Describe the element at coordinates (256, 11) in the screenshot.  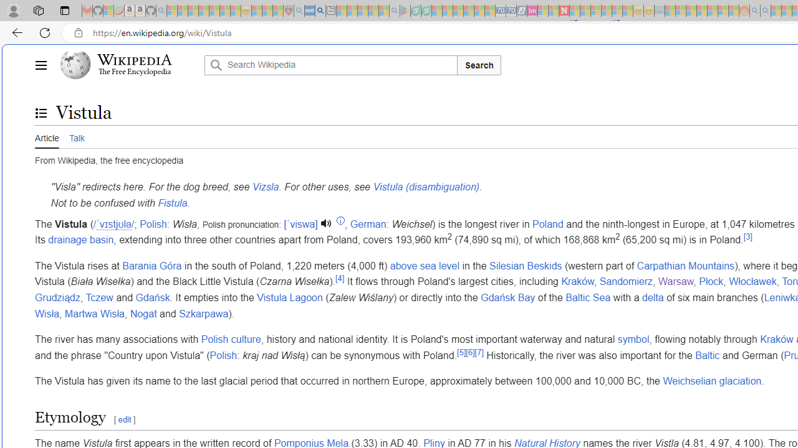
I see `'Recipes - MSN - Sleeping'` at that location.